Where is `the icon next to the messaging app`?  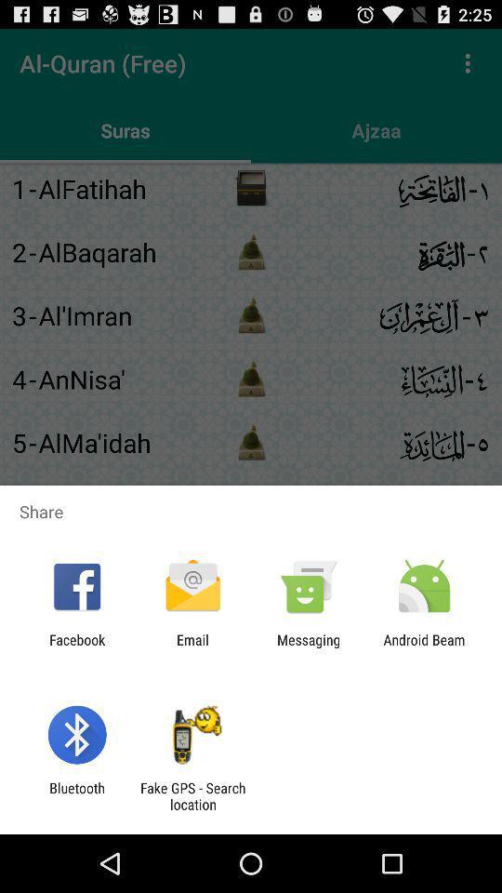 the icon next to the messaging app is located at coordinates (424, 647).